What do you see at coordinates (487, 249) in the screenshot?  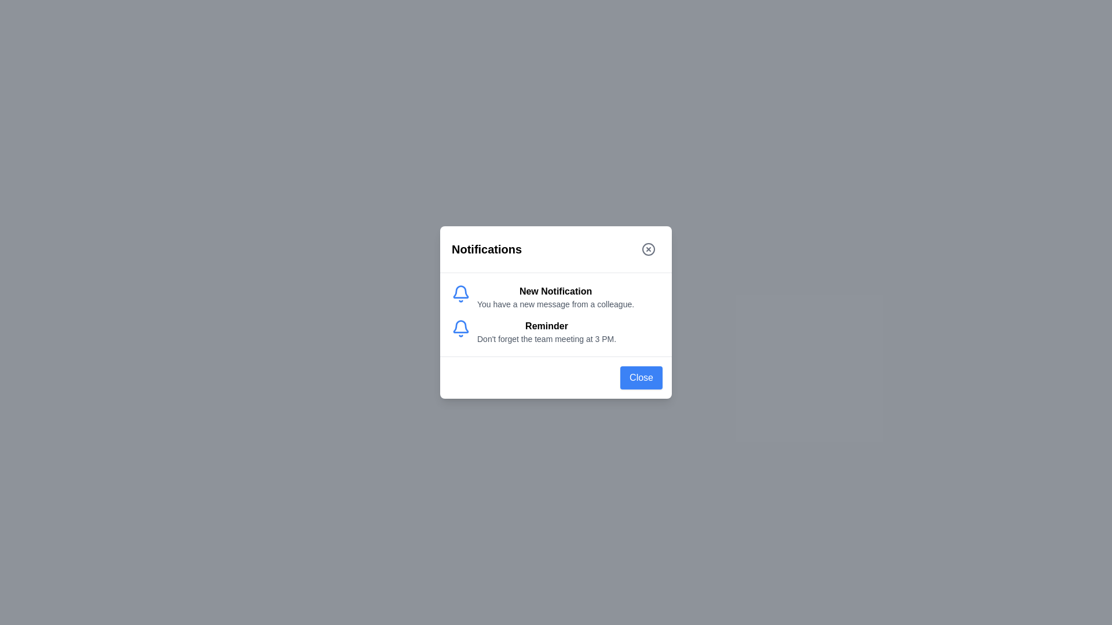 I see `the static text label indicating the content of the modal pertains to notifications, located in the header section of the modal dialog box` at bounding box center [487, 249].